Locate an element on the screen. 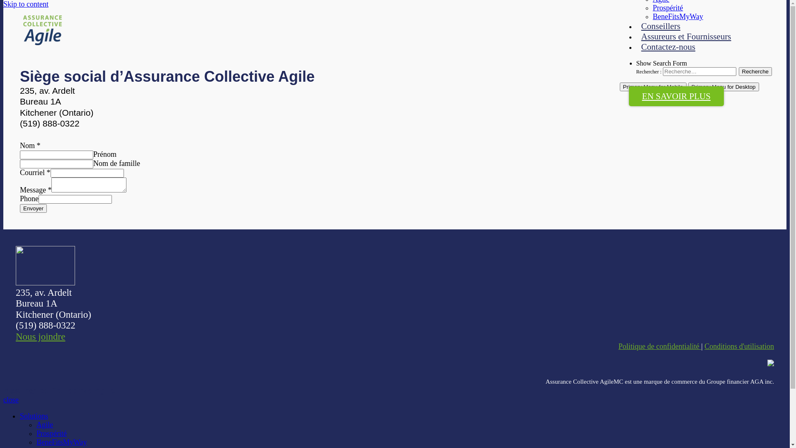 Image resolution: width=796 pixels, height=448 pixels. 'Solutions' is located at coordinates (33, 416).